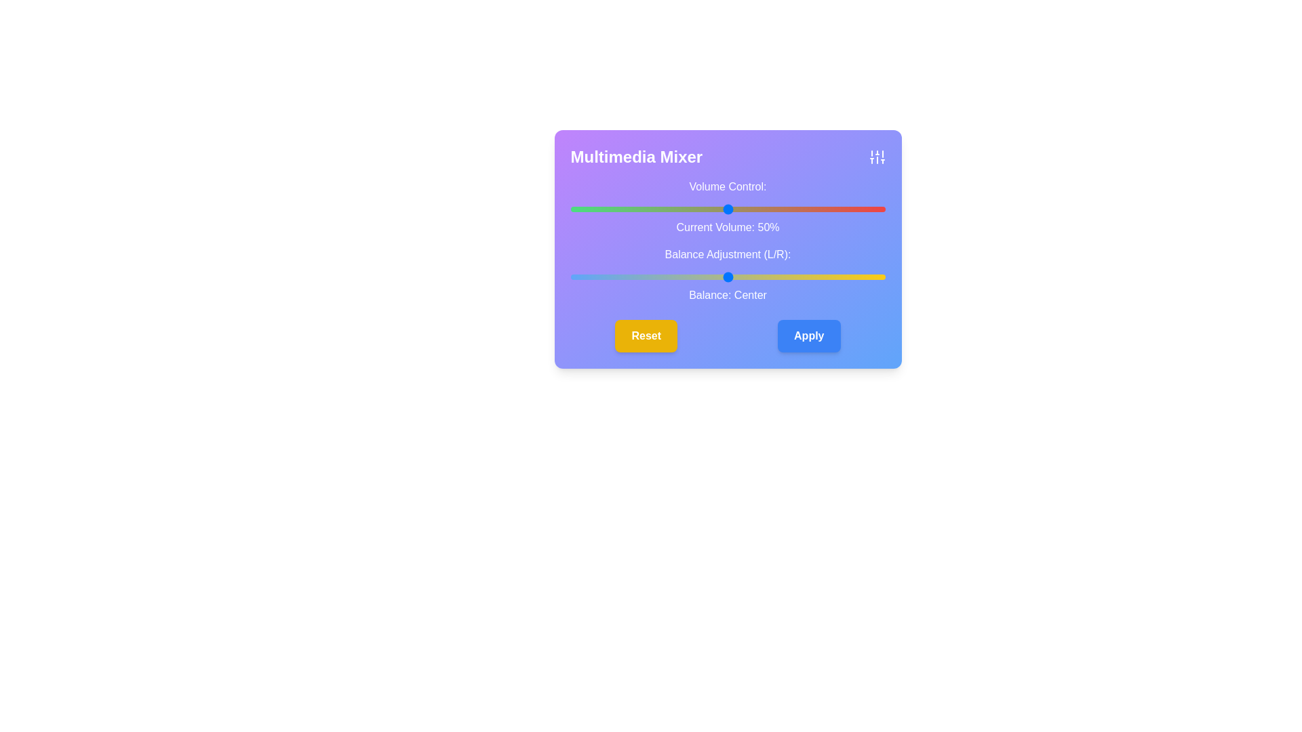 The height and width of the screenshot is (732, 1302). I want to click on the 'Reset' button to reset all settings to their default values, so click(646, 335).